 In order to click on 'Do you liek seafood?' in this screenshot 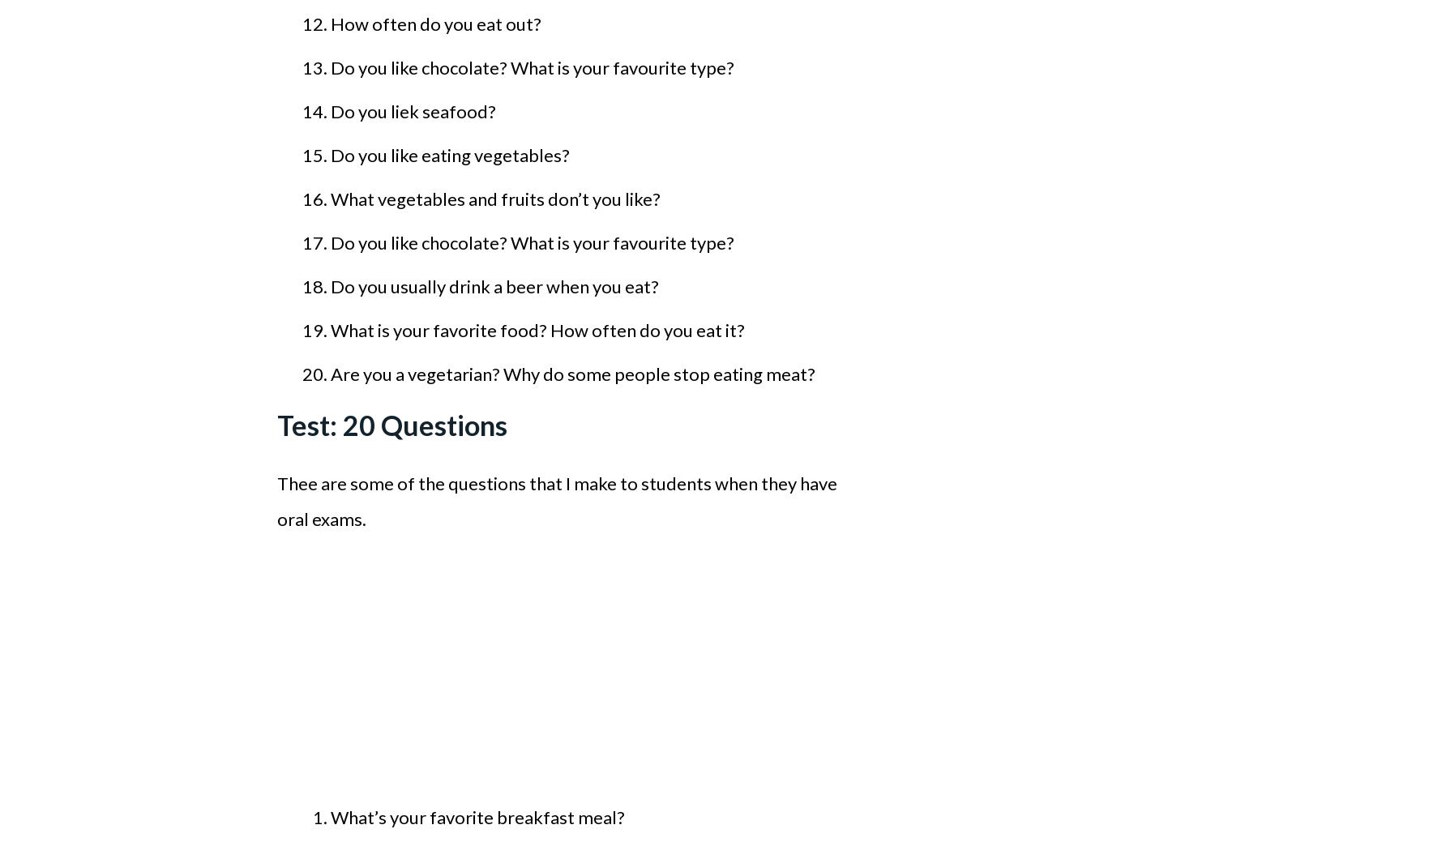, I will do `click(413, 110)`.